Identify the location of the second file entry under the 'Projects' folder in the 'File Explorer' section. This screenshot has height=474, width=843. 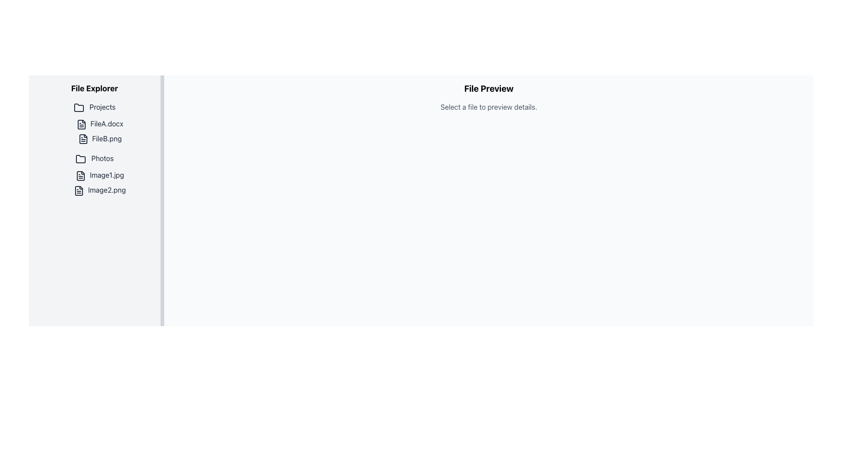
(100, 138).